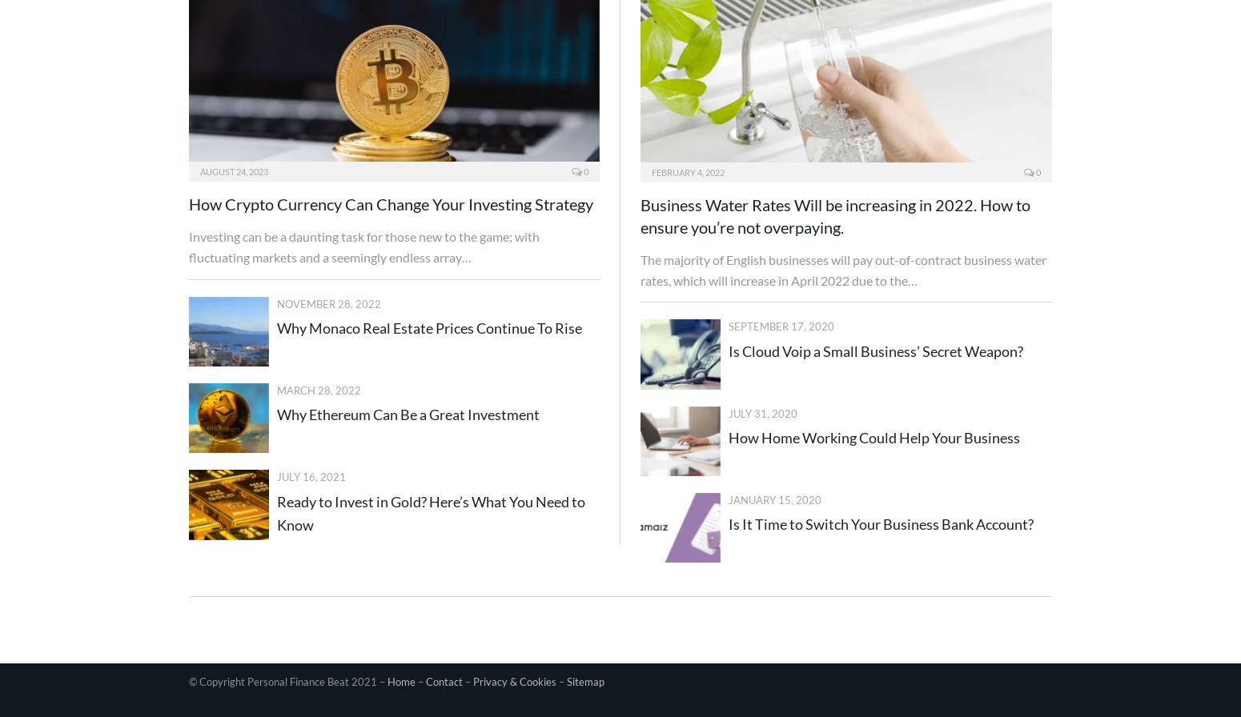 The height and width of the screenshot is (717, 1241). Describe the element at coordinates (729, 350) in the screenshot. I see `'Is Cloud Voip a Small Business’ Secret Weapon?'` at that location.